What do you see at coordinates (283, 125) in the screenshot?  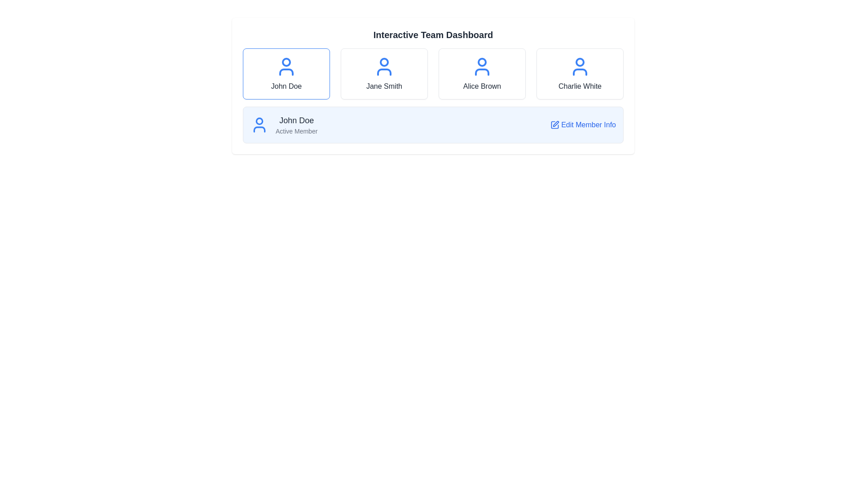 I see `the Informational display element that shows the user's name and status, located inside a blue-bordered section under the title 'Interactive Team Dashboard'` at bounding box center [283, 125].